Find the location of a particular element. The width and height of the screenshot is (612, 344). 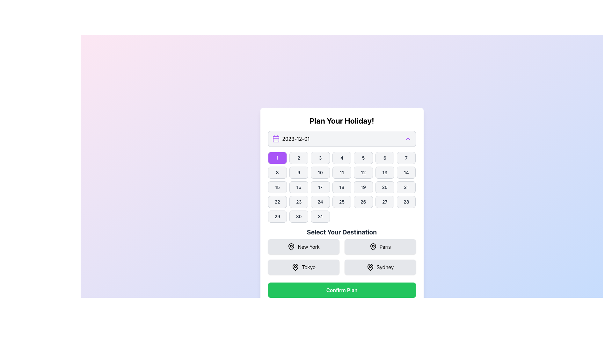

the small upward-pointing purple chevron icon located to the right of the date display box showing '2023-12-01' is located at coordinates (407, 138).